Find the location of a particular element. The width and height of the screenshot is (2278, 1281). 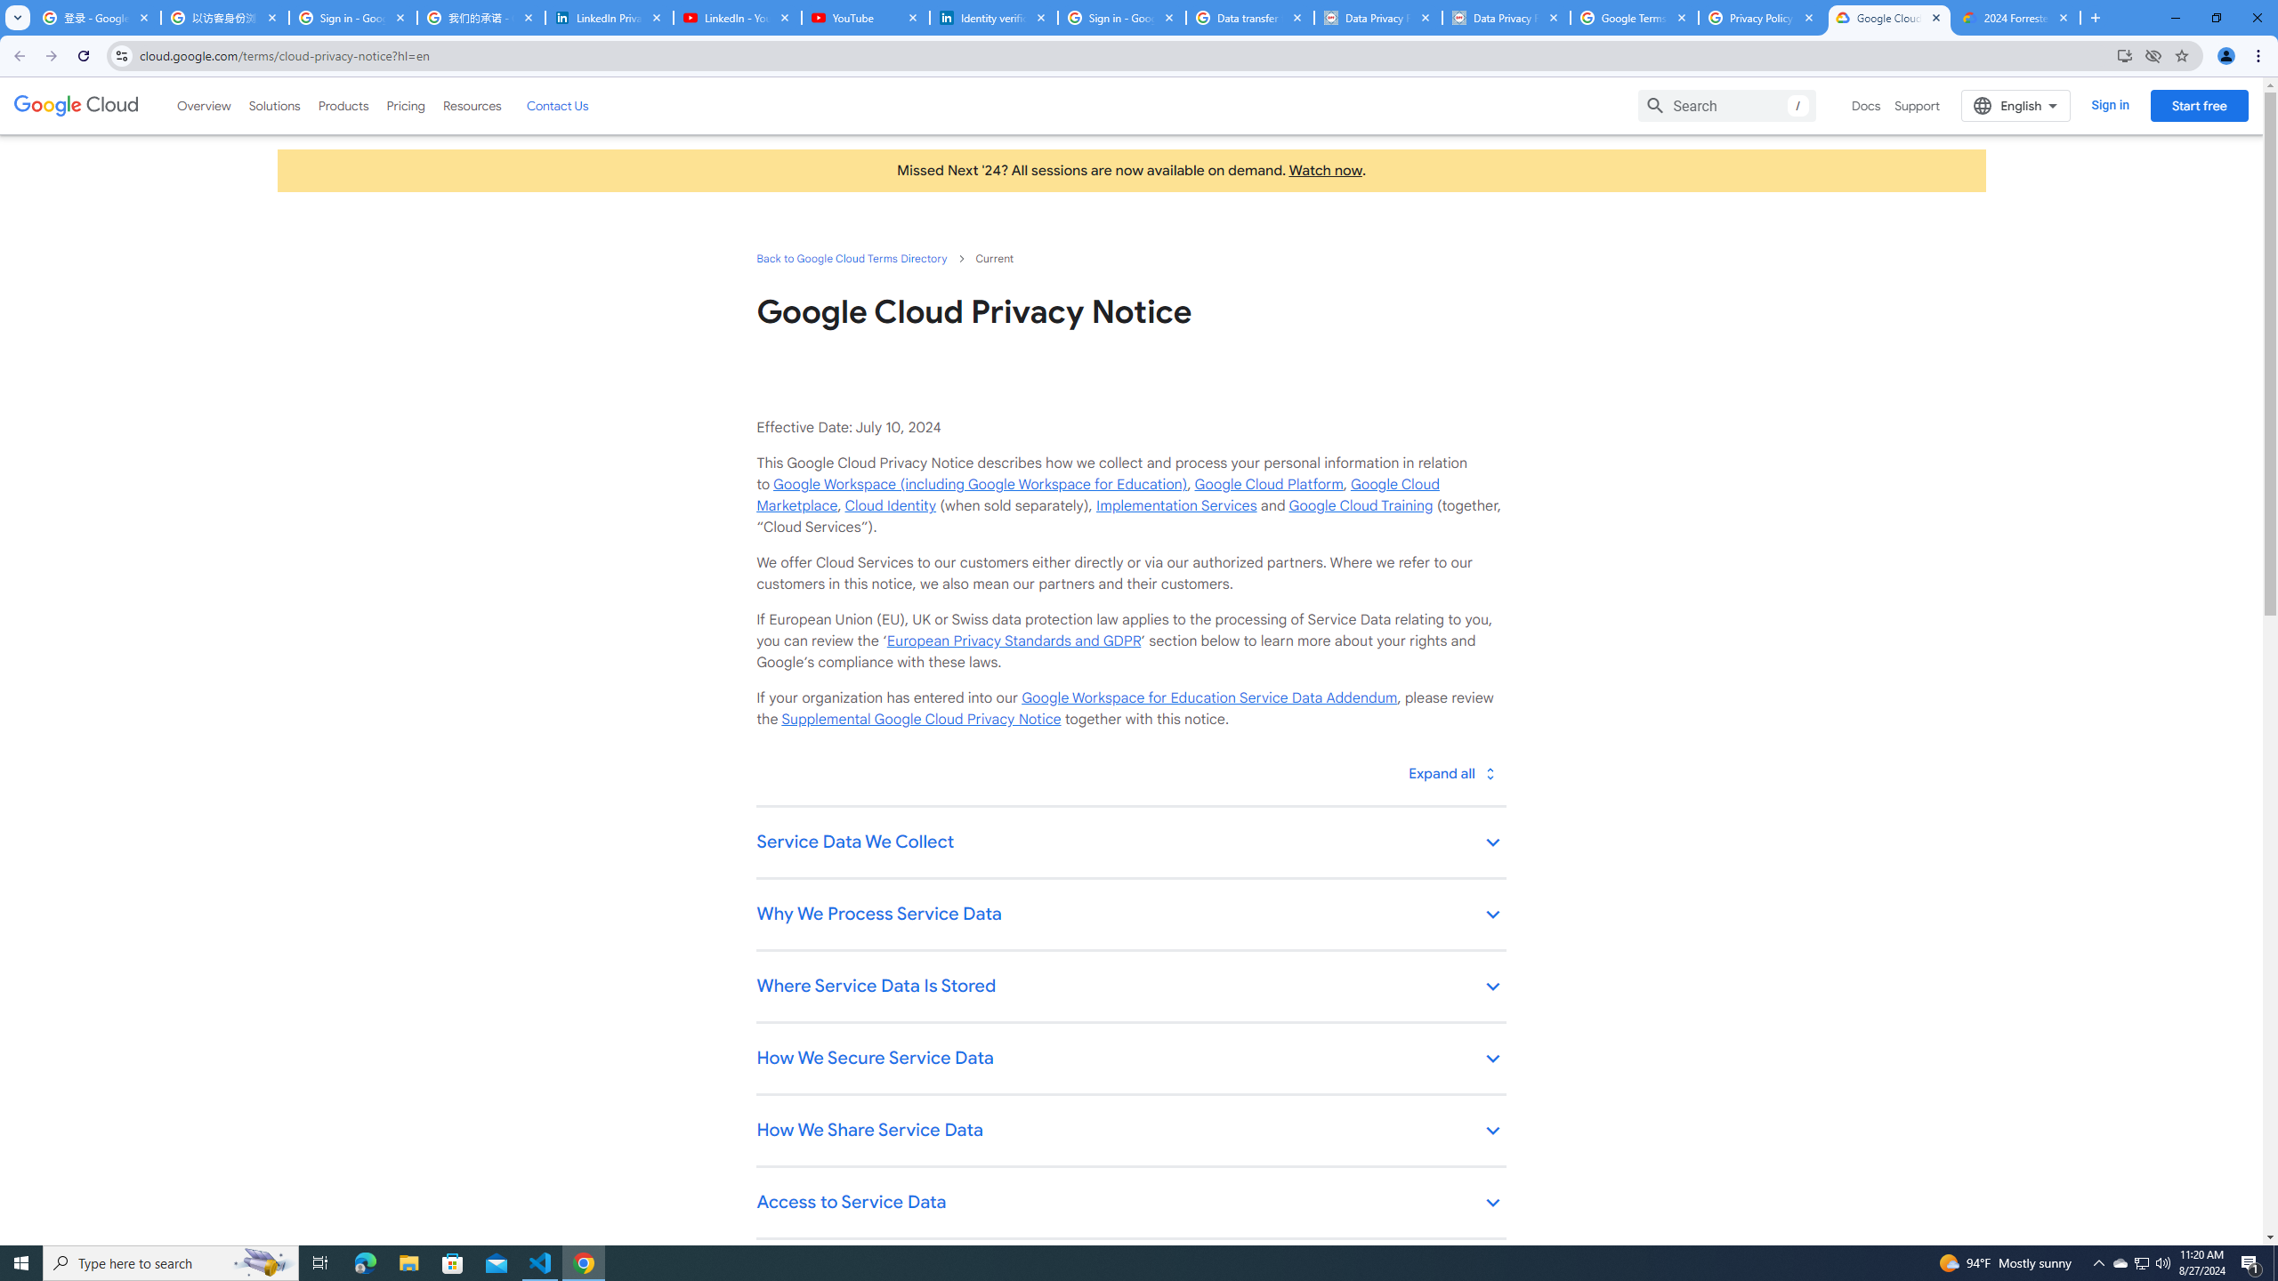

'Third-party cookies blocked' is located at coordinates (2153, 54).